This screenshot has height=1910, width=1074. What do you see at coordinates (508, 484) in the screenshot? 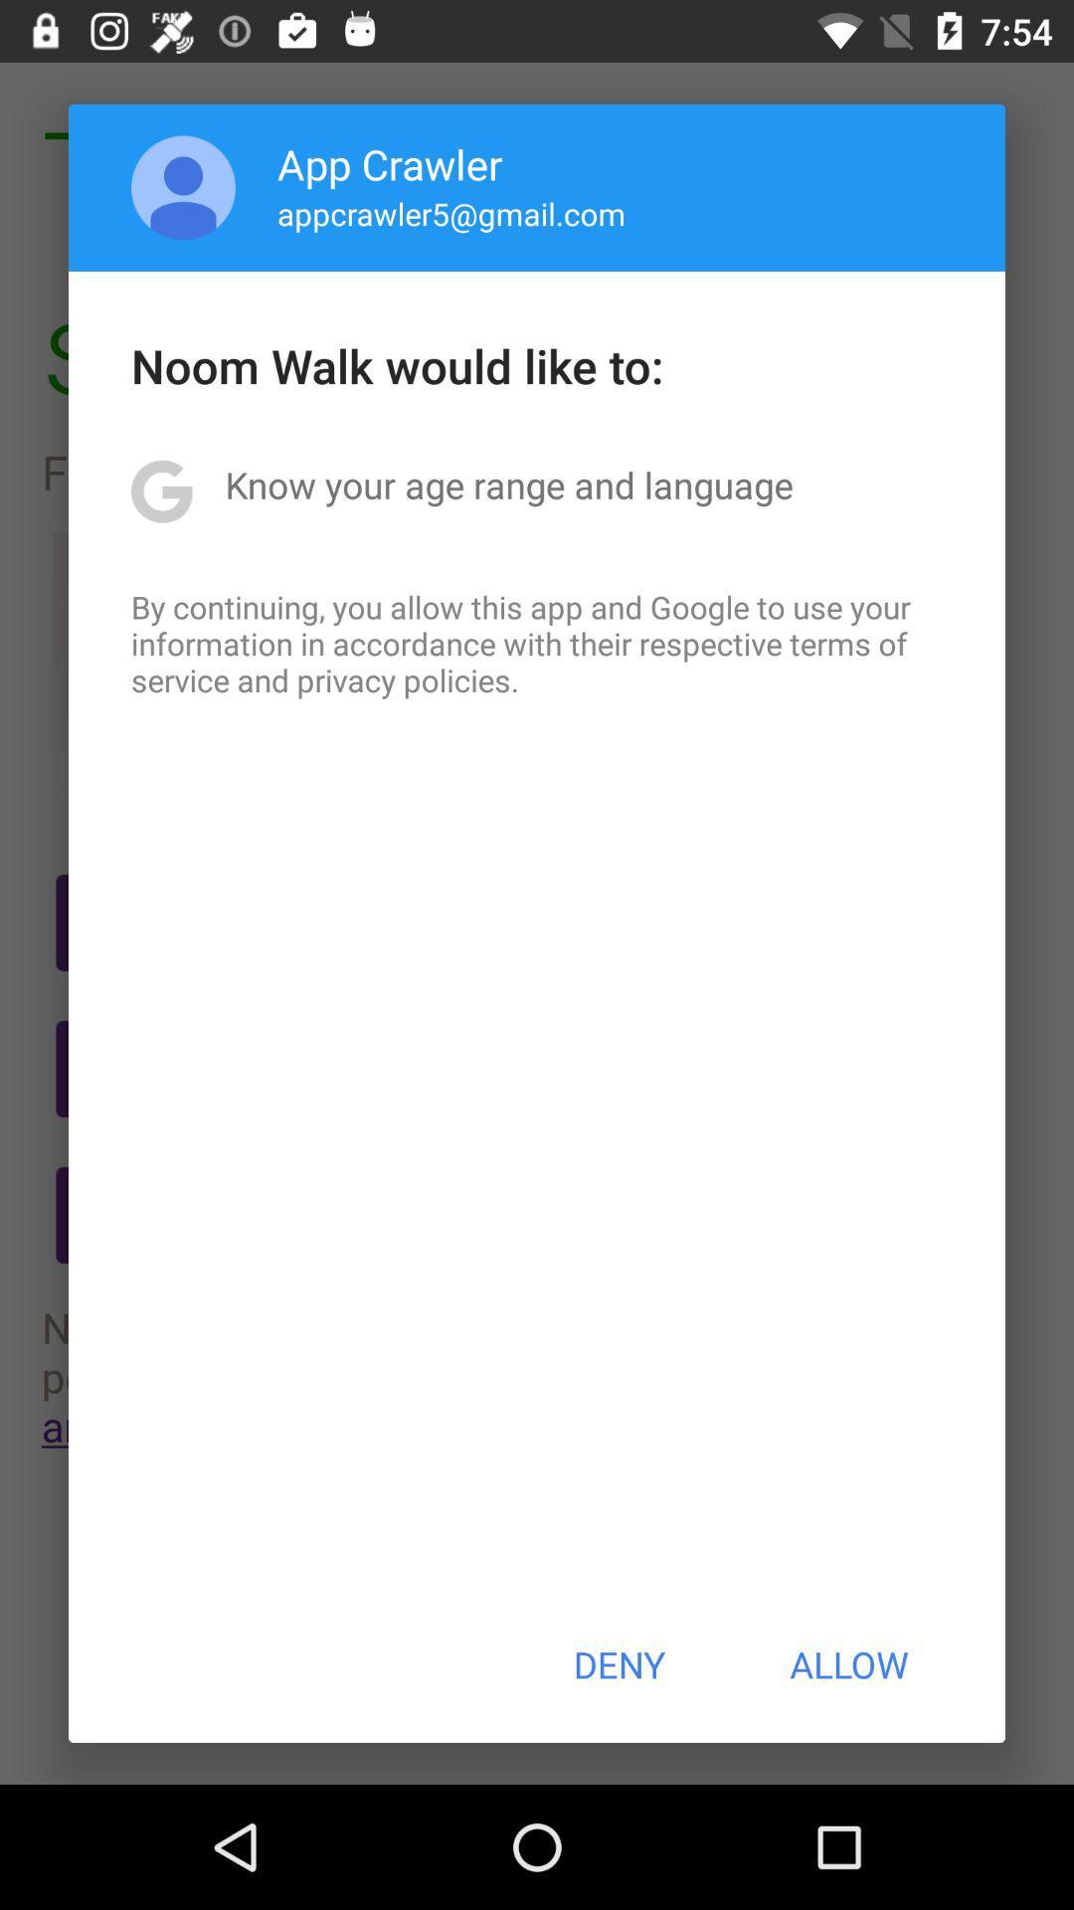
I see `the item above the by continuing you item` at bounding box center [508, 484].